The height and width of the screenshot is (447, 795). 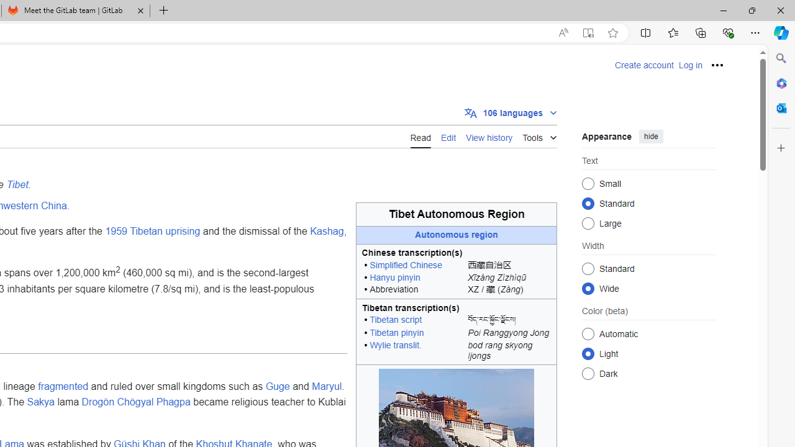 What do you see at coordinates (456, 235) in the screenshot?
I see `'Autonomous region'` at bounding box center [456, 235].